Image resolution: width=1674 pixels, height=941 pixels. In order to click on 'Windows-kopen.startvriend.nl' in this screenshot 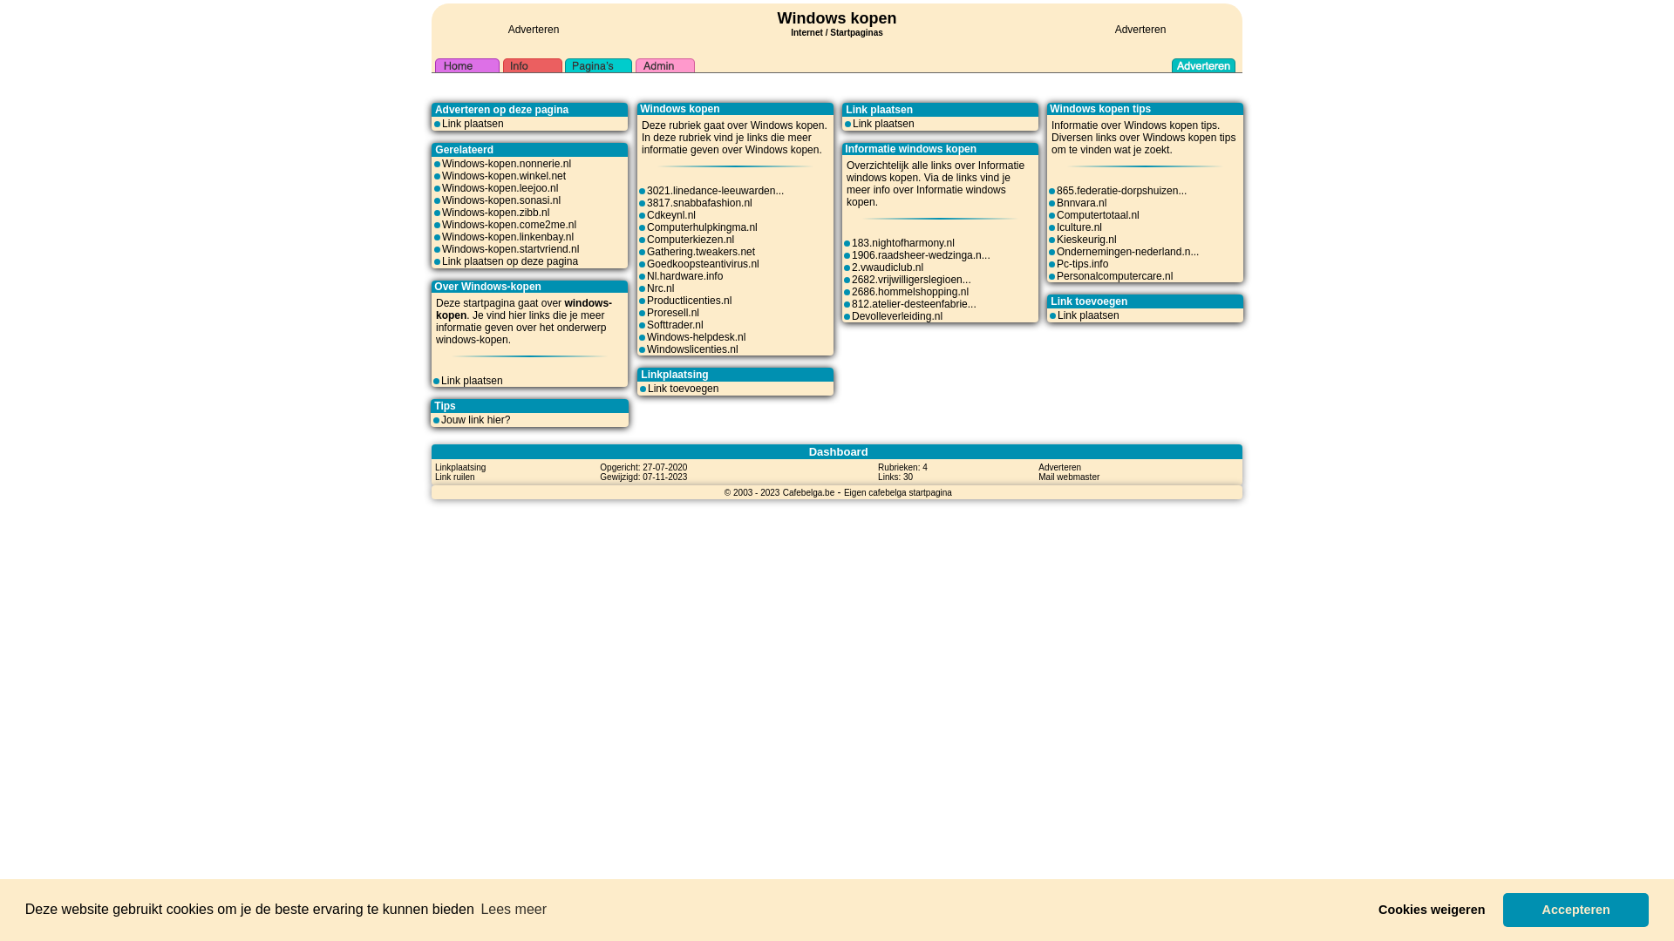, I will do `click(509, 248)`.